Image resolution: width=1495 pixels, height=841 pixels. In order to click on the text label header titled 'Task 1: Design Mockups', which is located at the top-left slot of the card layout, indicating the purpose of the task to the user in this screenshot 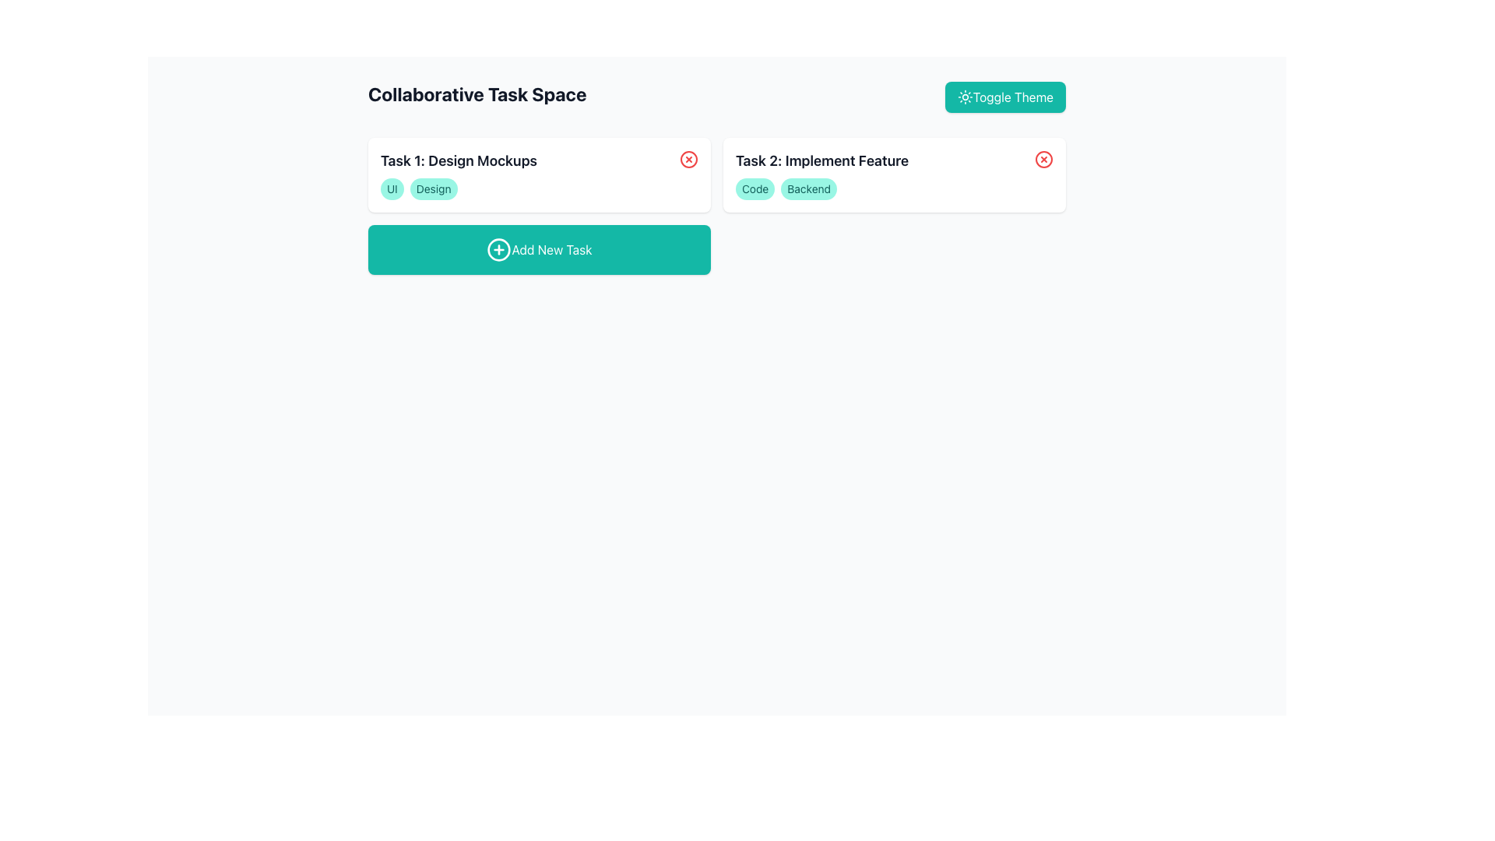, I will do `click(458, 161)`.